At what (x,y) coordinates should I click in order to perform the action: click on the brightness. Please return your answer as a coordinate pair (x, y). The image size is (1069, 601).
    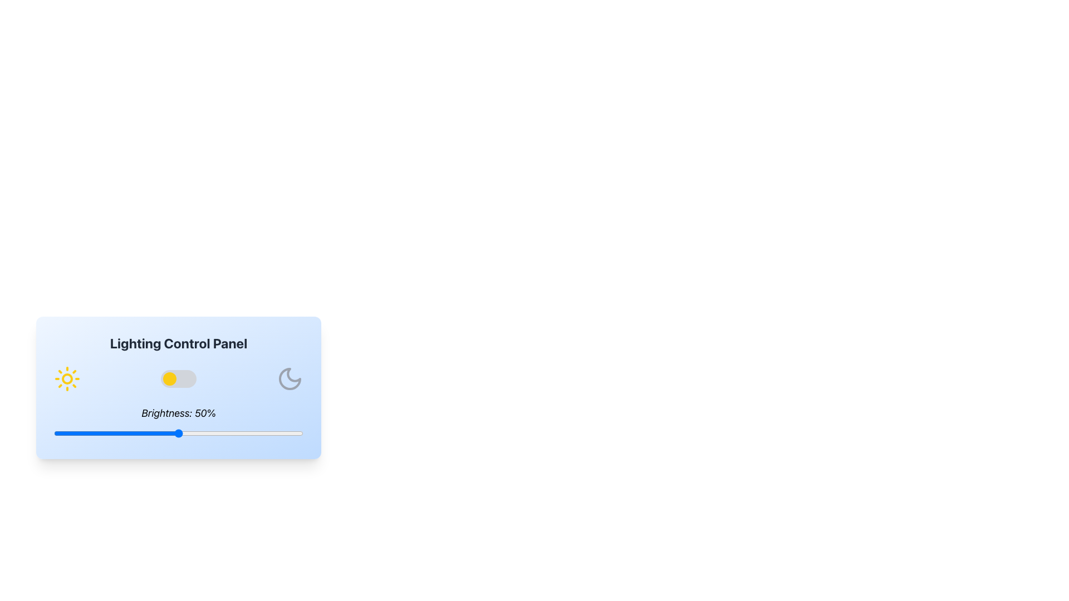
    Looking at the image, I should click on (109, 433).